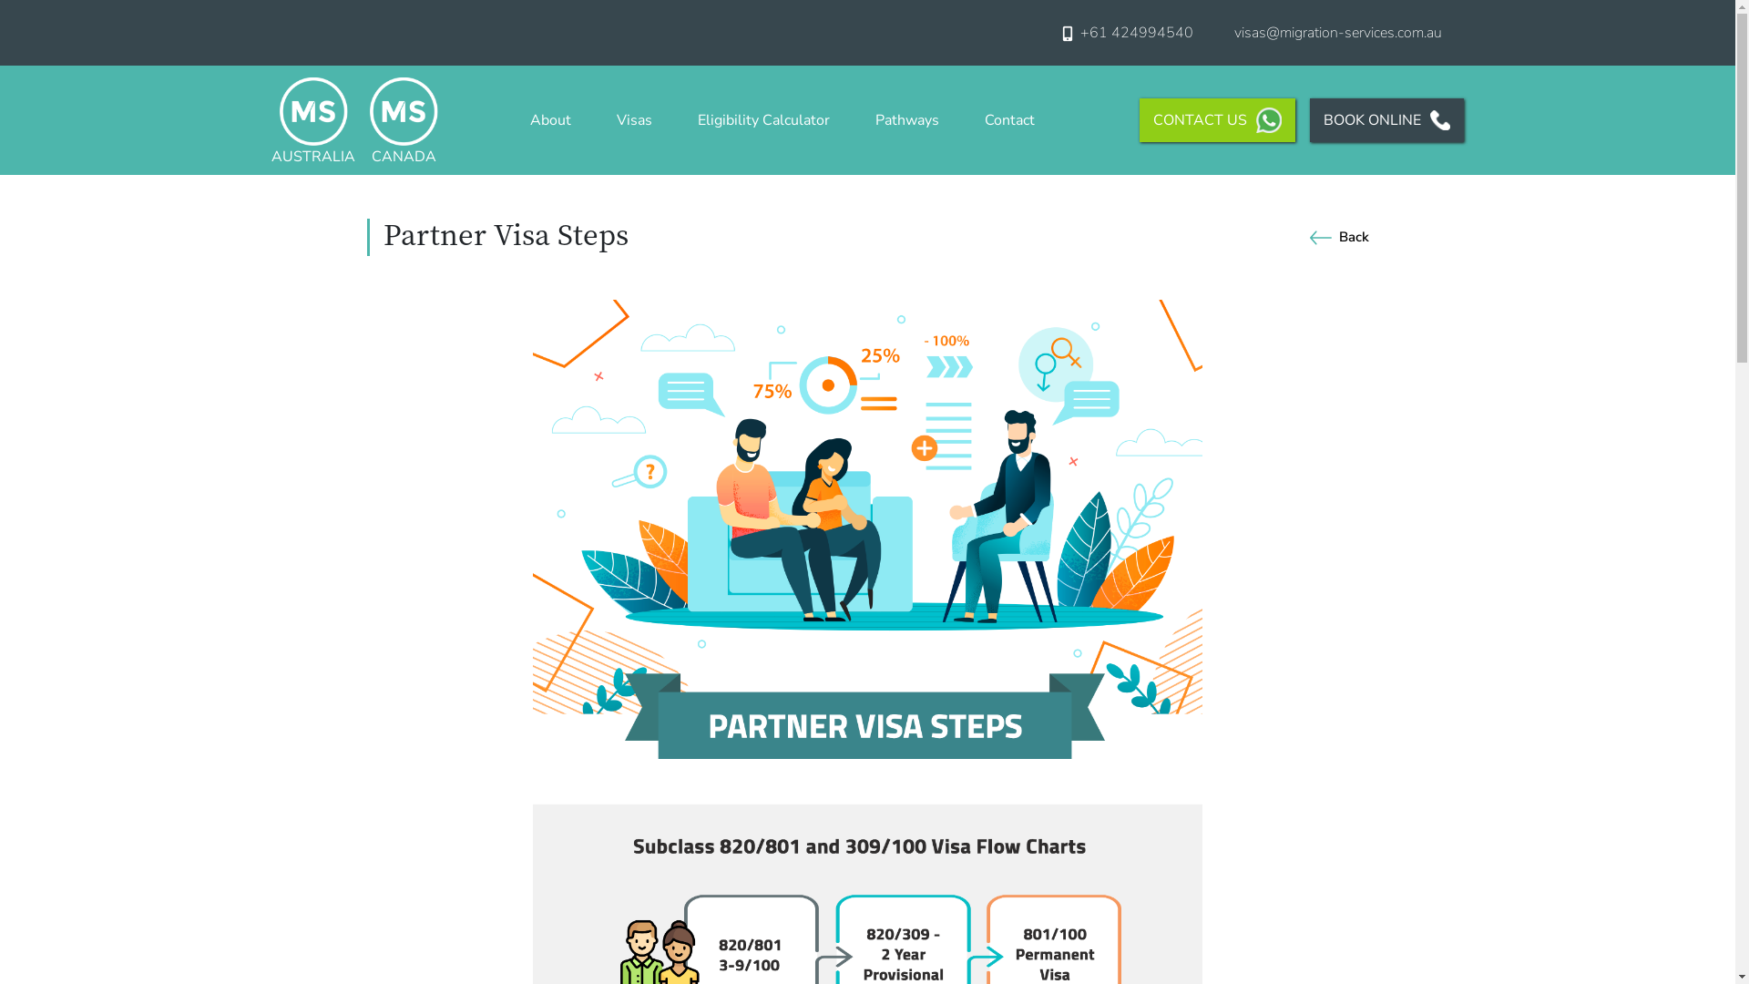 This screenshot has width=1749, height=984. I want to click on 'Visas', so click(634, 119).